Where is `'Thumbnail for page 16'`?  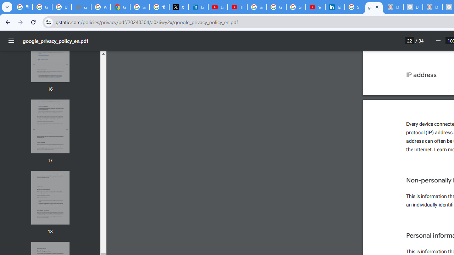
'Thumbnail for page 16' is located at coordinates (50, 55).